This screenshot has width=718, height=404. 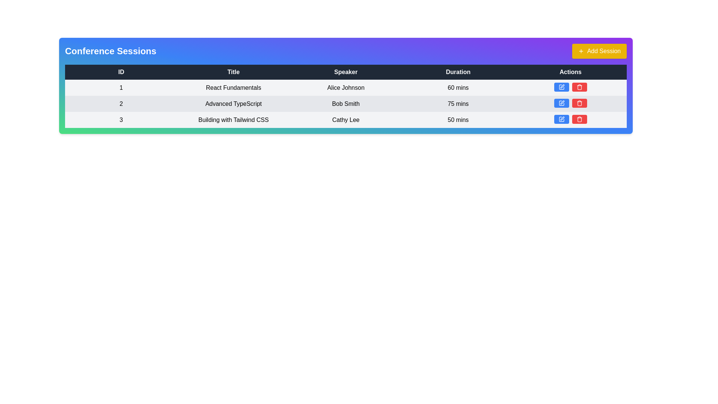 What do you see at coordinates (121, 87) in the screenshot?
I see `the table cell displaying the numeral '1' located in the first column of the first data row under the 'ID' header in the 'Conference Sessions' table` at bounding box center [121, 87].